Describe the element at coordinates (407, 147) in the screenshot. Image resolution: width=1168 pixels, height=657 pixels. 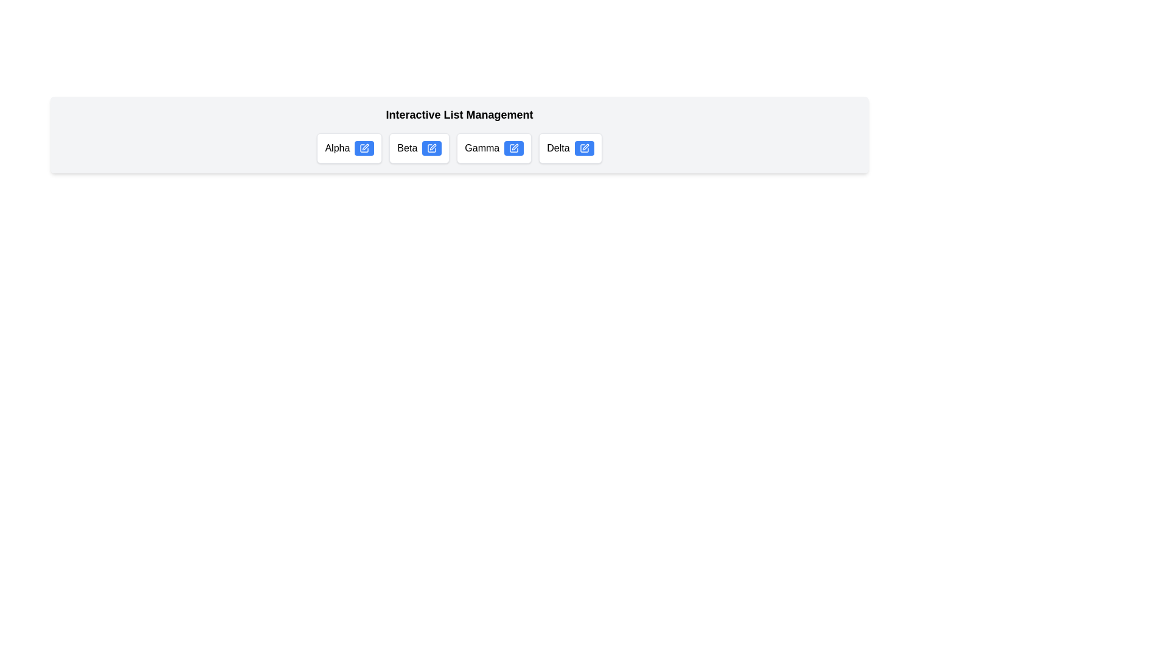
I see `the static text label displaying 'Beta' which is positioned within a card-like component, between 'Alpha' and 'Gamma'` at that location.